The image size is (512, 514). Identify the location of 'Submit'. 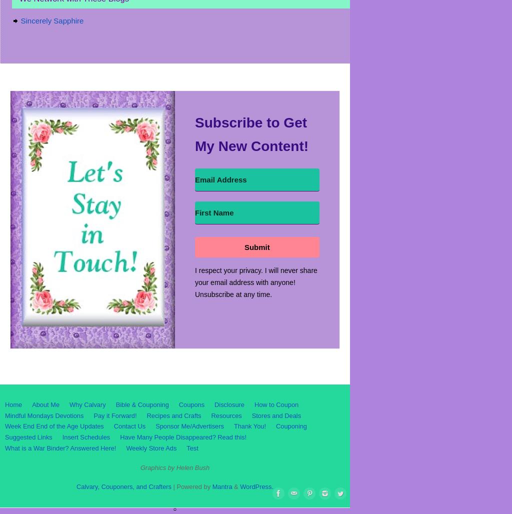
(256, 246).